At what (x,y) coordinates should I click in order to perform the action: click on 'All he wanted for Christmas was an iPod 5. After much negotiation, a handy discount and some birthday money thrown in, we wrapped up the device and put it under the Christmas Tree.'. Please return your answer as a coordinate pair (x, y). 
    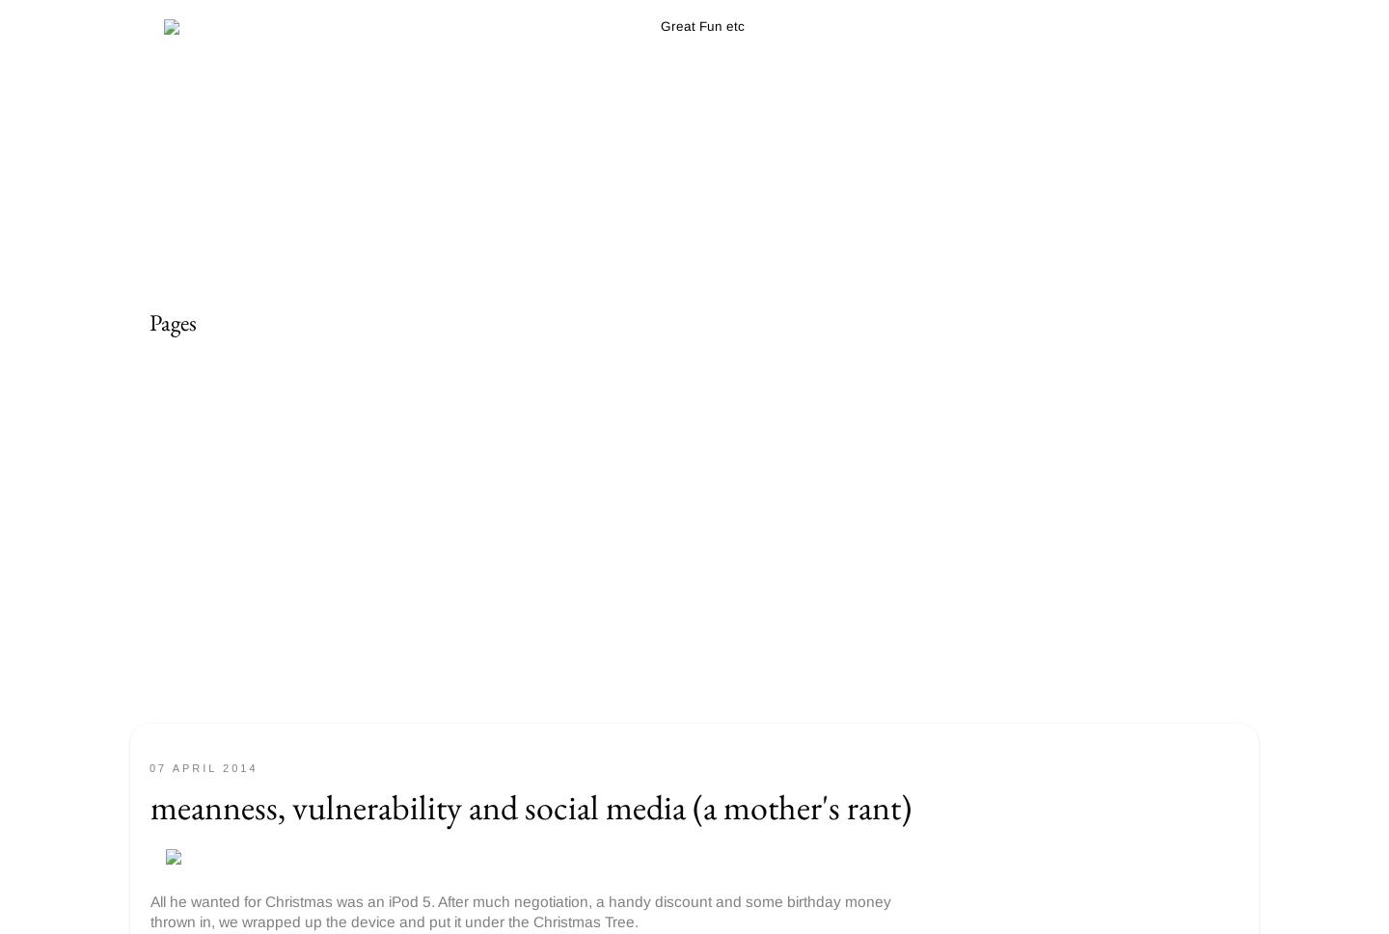
    Looking at the image, I should click on (520, 910).